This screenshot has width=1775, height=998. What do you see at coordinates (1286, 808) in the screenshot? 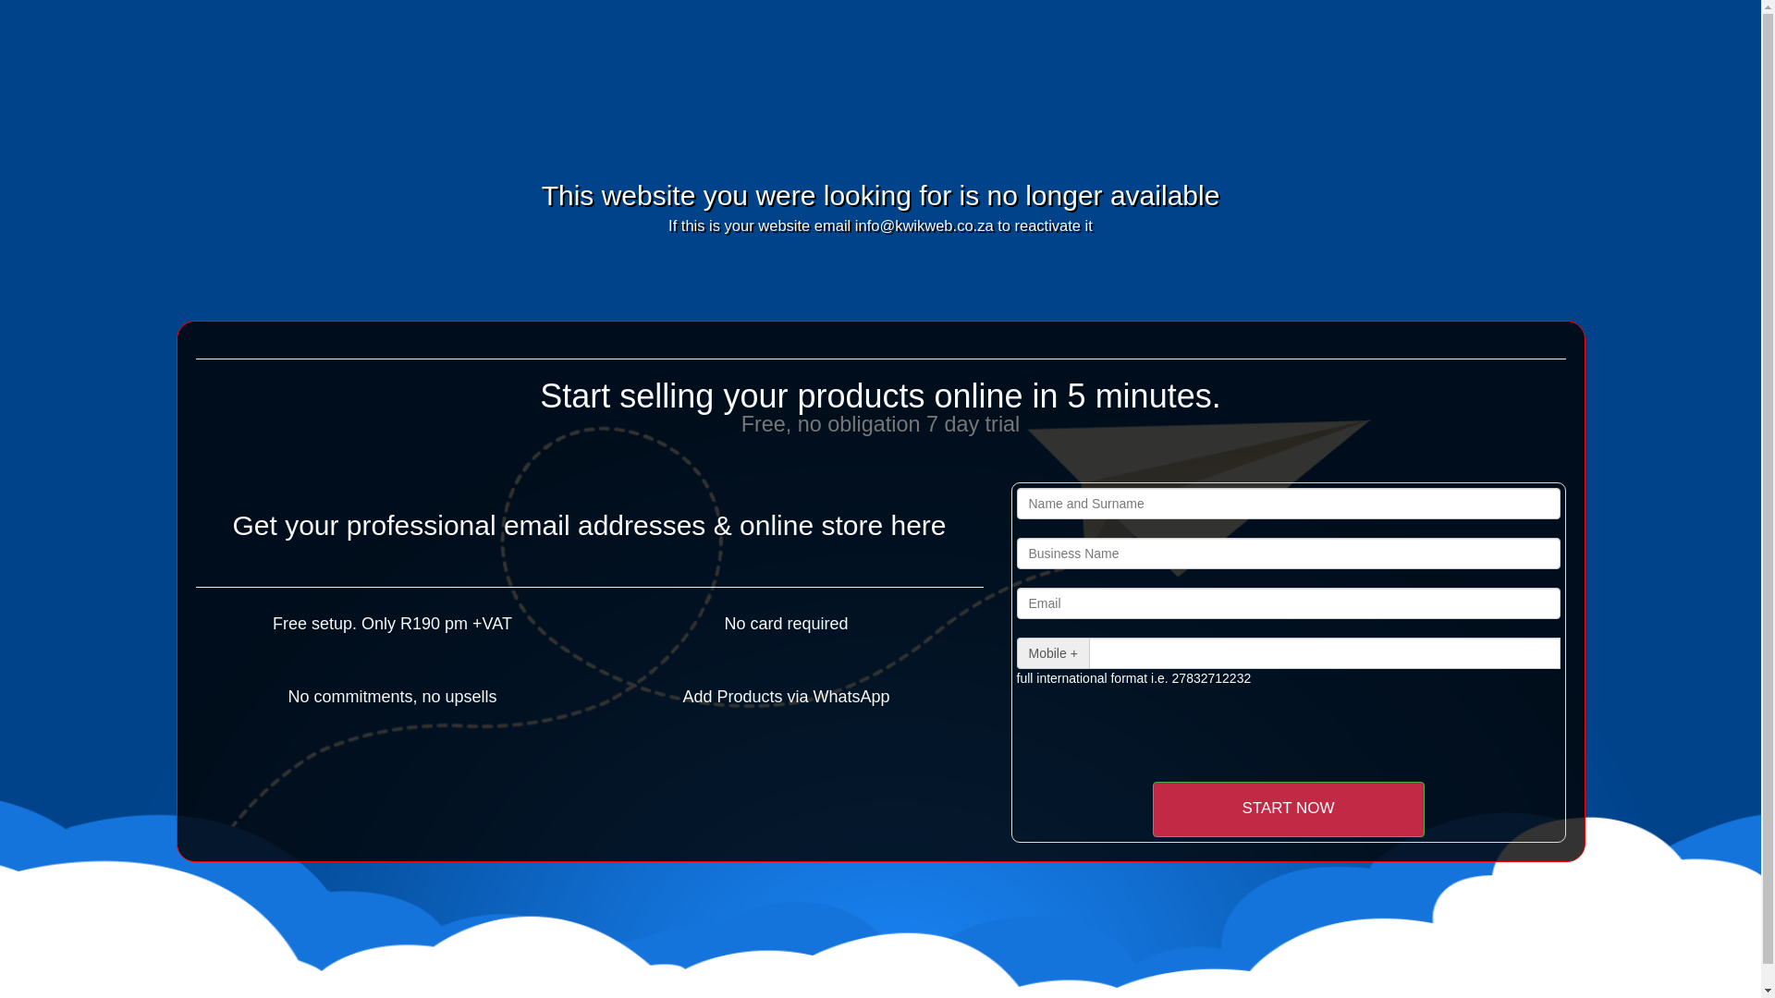
I see `'START NOW'` at bounding box center [1286, 808].